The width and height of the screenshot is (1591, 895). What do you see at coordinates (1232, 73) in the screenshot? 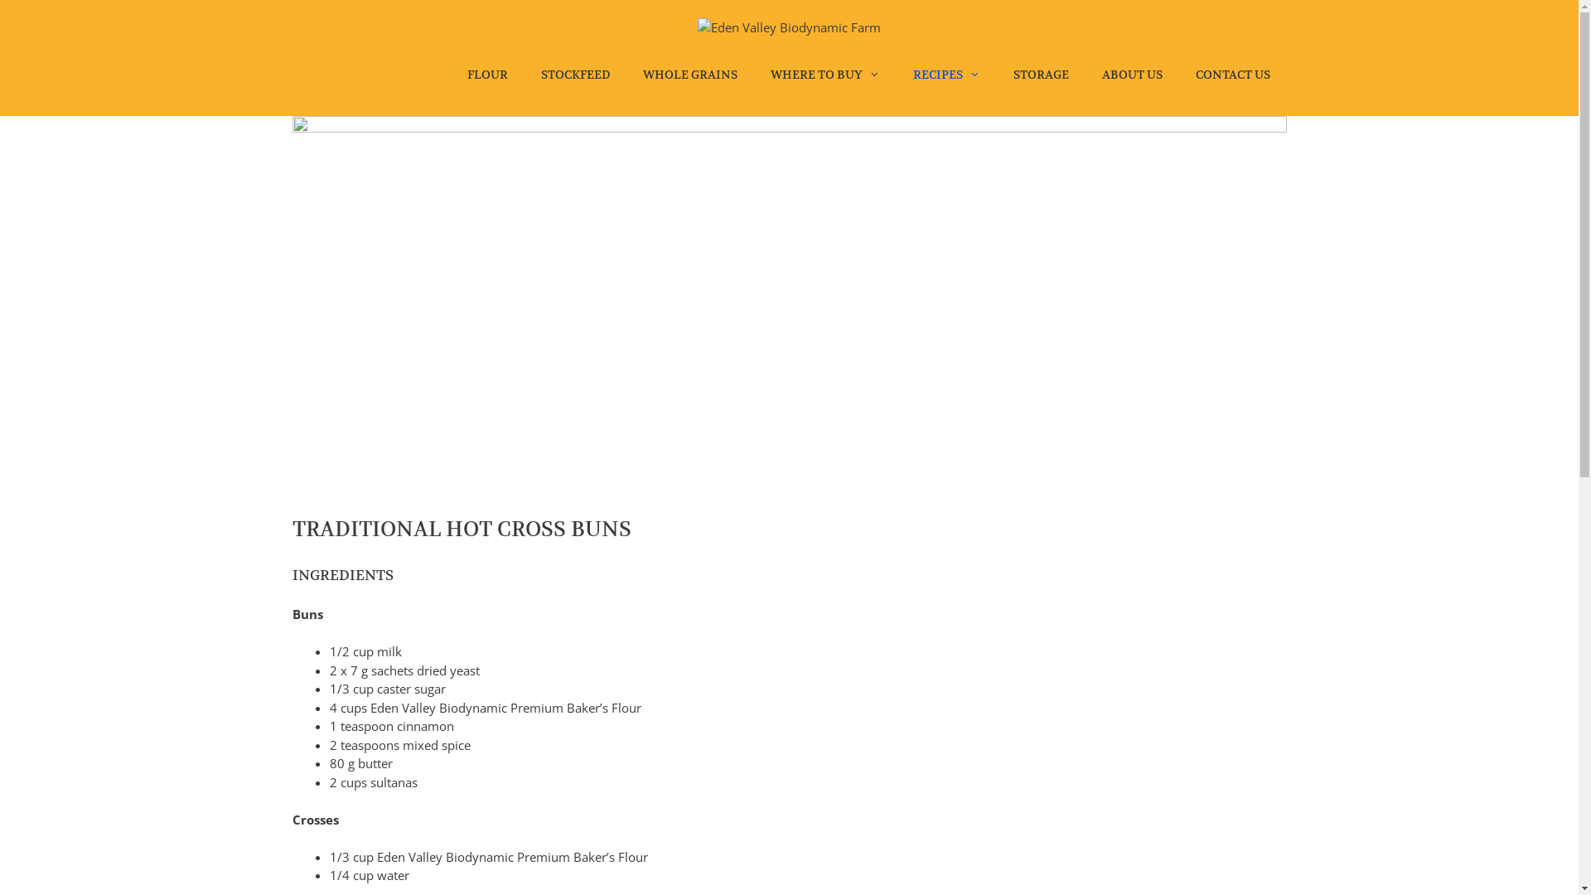
I see `'CONTACT US'` at bounding box center [1232, 73].